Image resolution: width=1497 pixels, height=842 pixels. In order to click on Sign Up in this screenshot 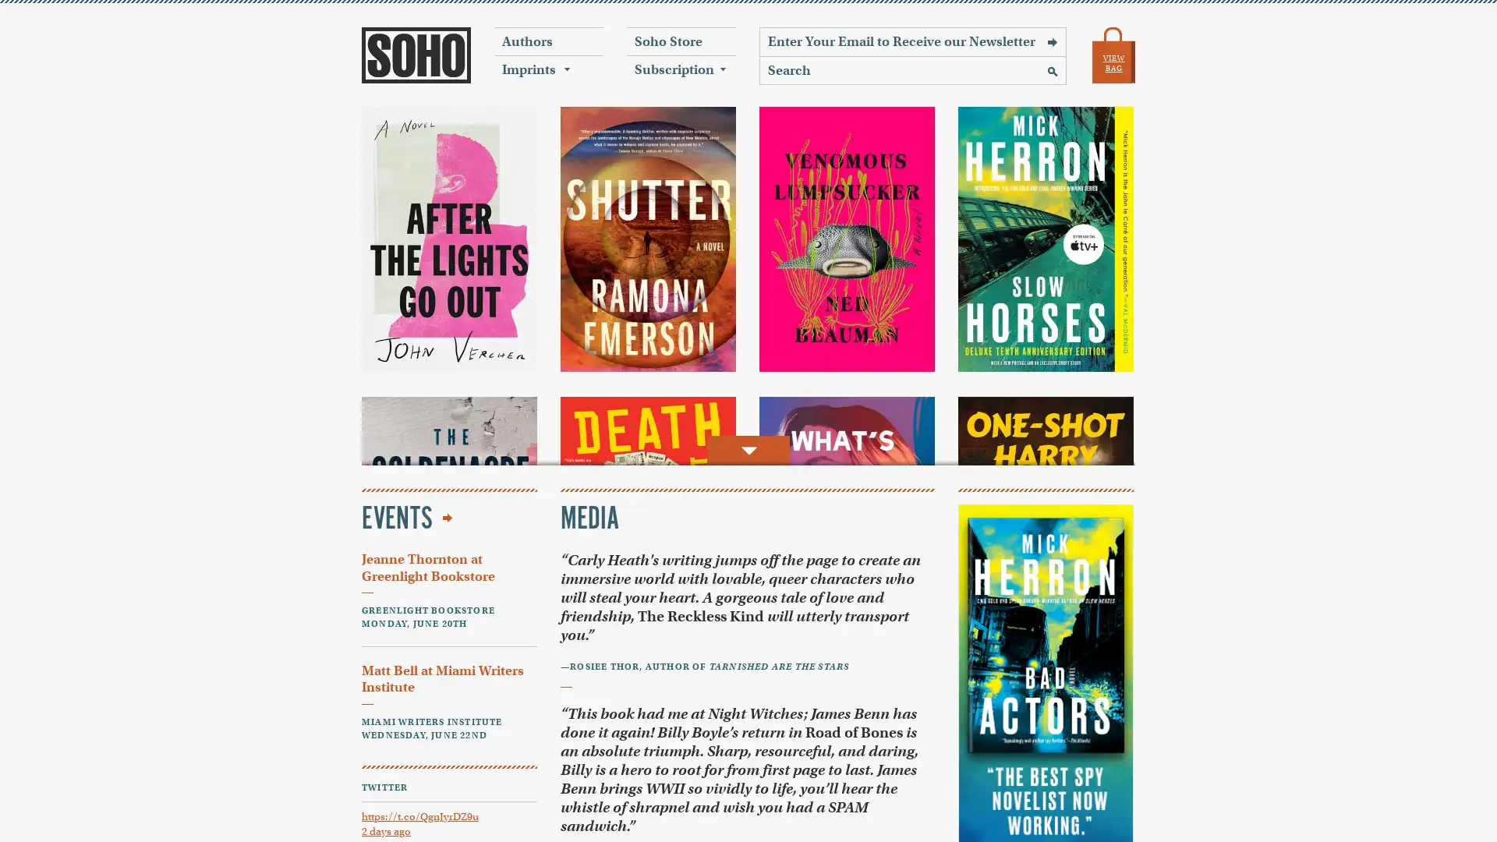, I will do `click(1052, 41)`.